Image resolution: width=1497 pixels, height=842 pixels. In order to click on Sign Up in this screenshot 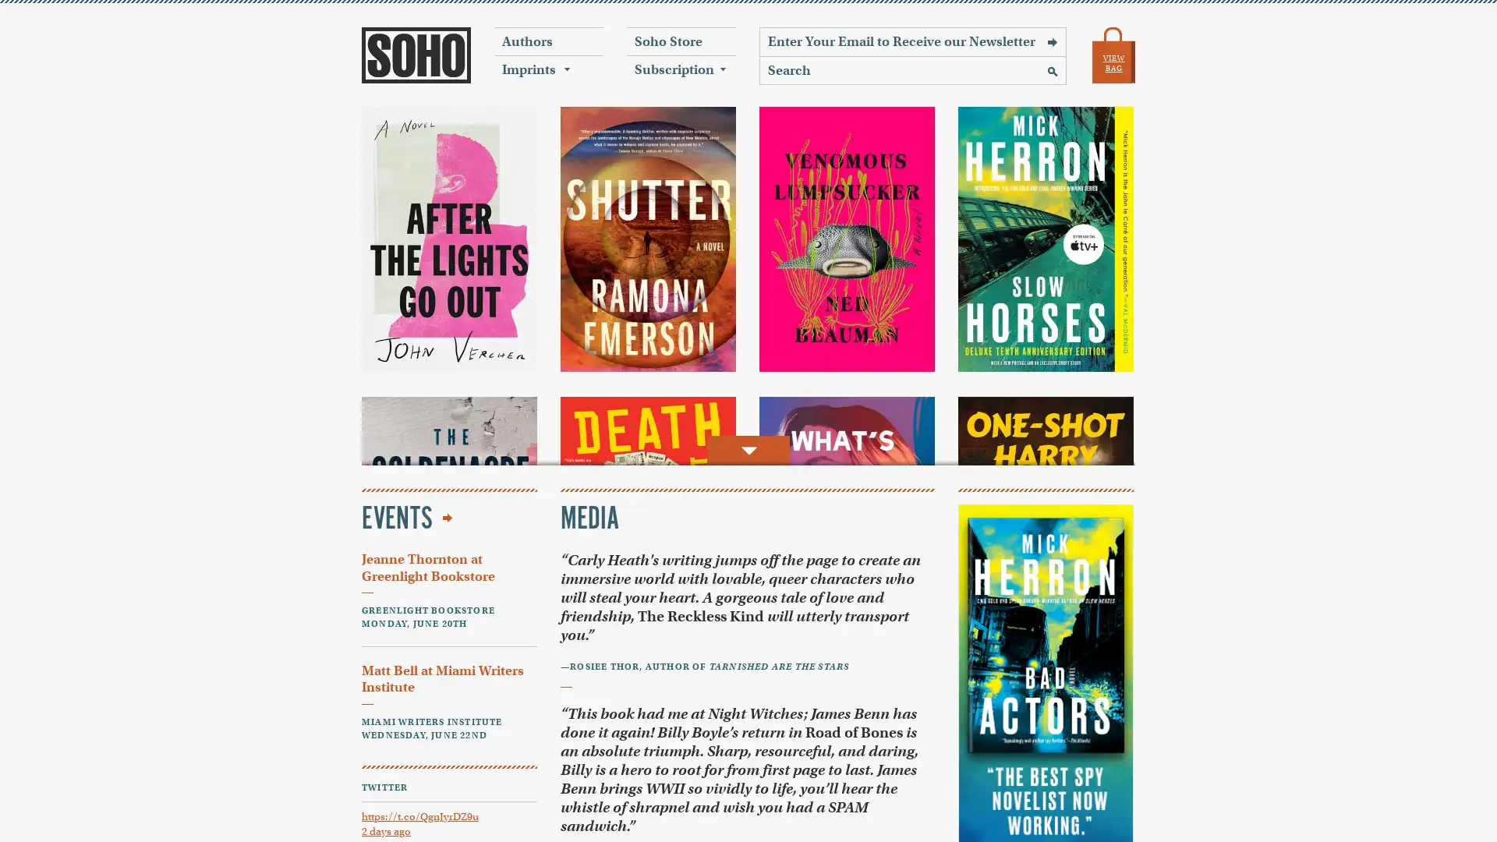, I will do `click(1052, 41)`.